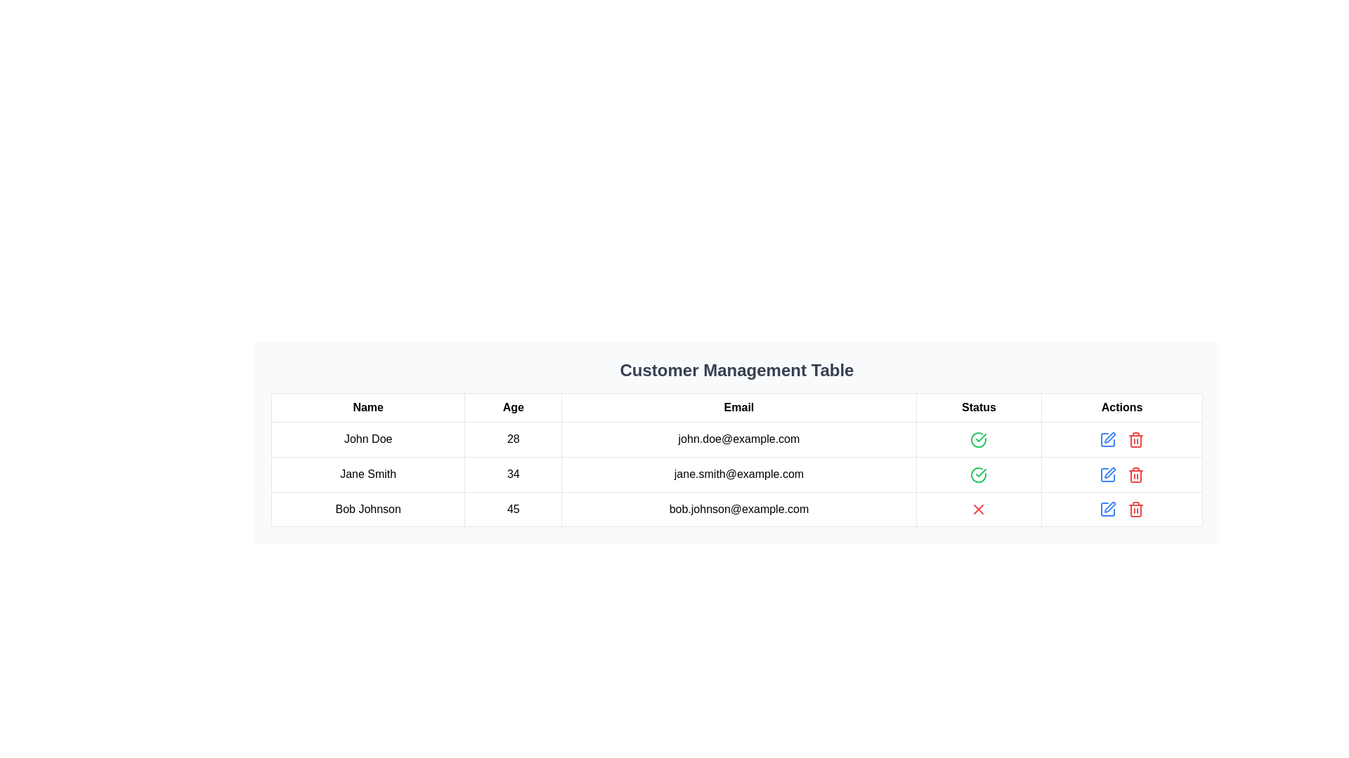 The image size is (1349, 758). What do you see at coordinates (368, 509) in the screenshot?
I see `the static text content displaying the name 'Bob Johnson' located in the third row, first column of the table, directly below 'Jane Smith' and to the left of '45'` at bounding box center [368, 509].